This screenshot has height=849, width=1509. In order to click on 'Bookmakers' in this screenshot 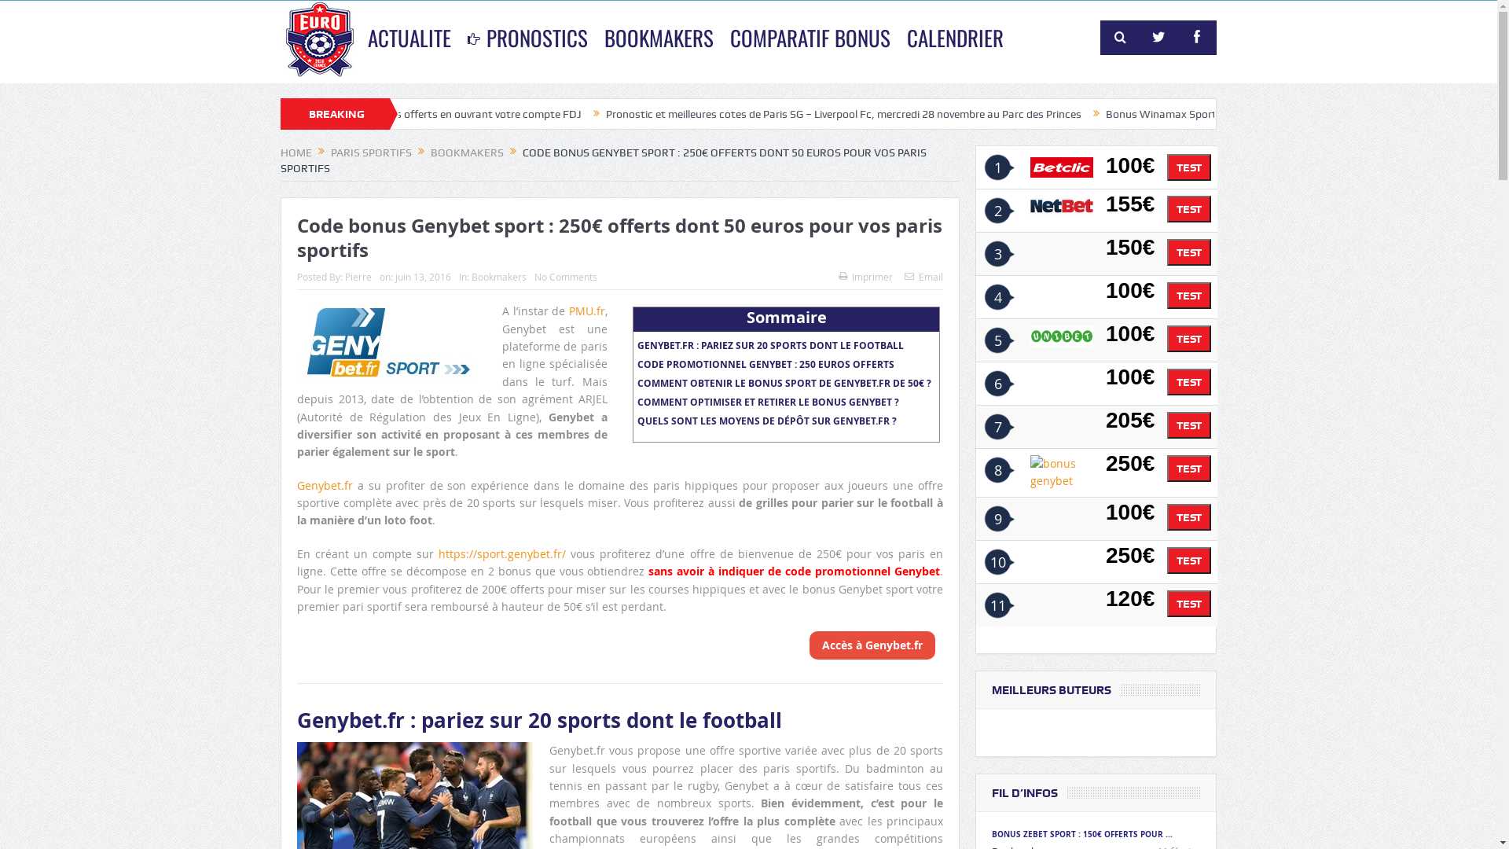, I will do `click(497, 275)`.